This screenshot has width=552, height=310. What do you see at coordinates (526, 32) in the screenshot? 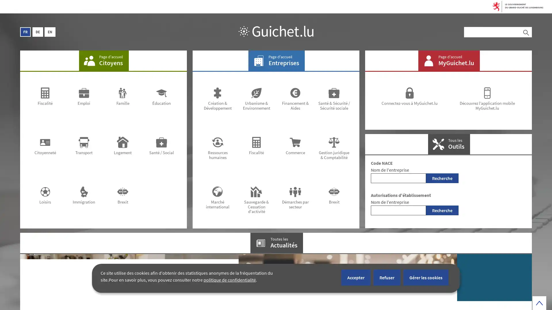
I see `Rechercher` at bounding box center [526, 32].